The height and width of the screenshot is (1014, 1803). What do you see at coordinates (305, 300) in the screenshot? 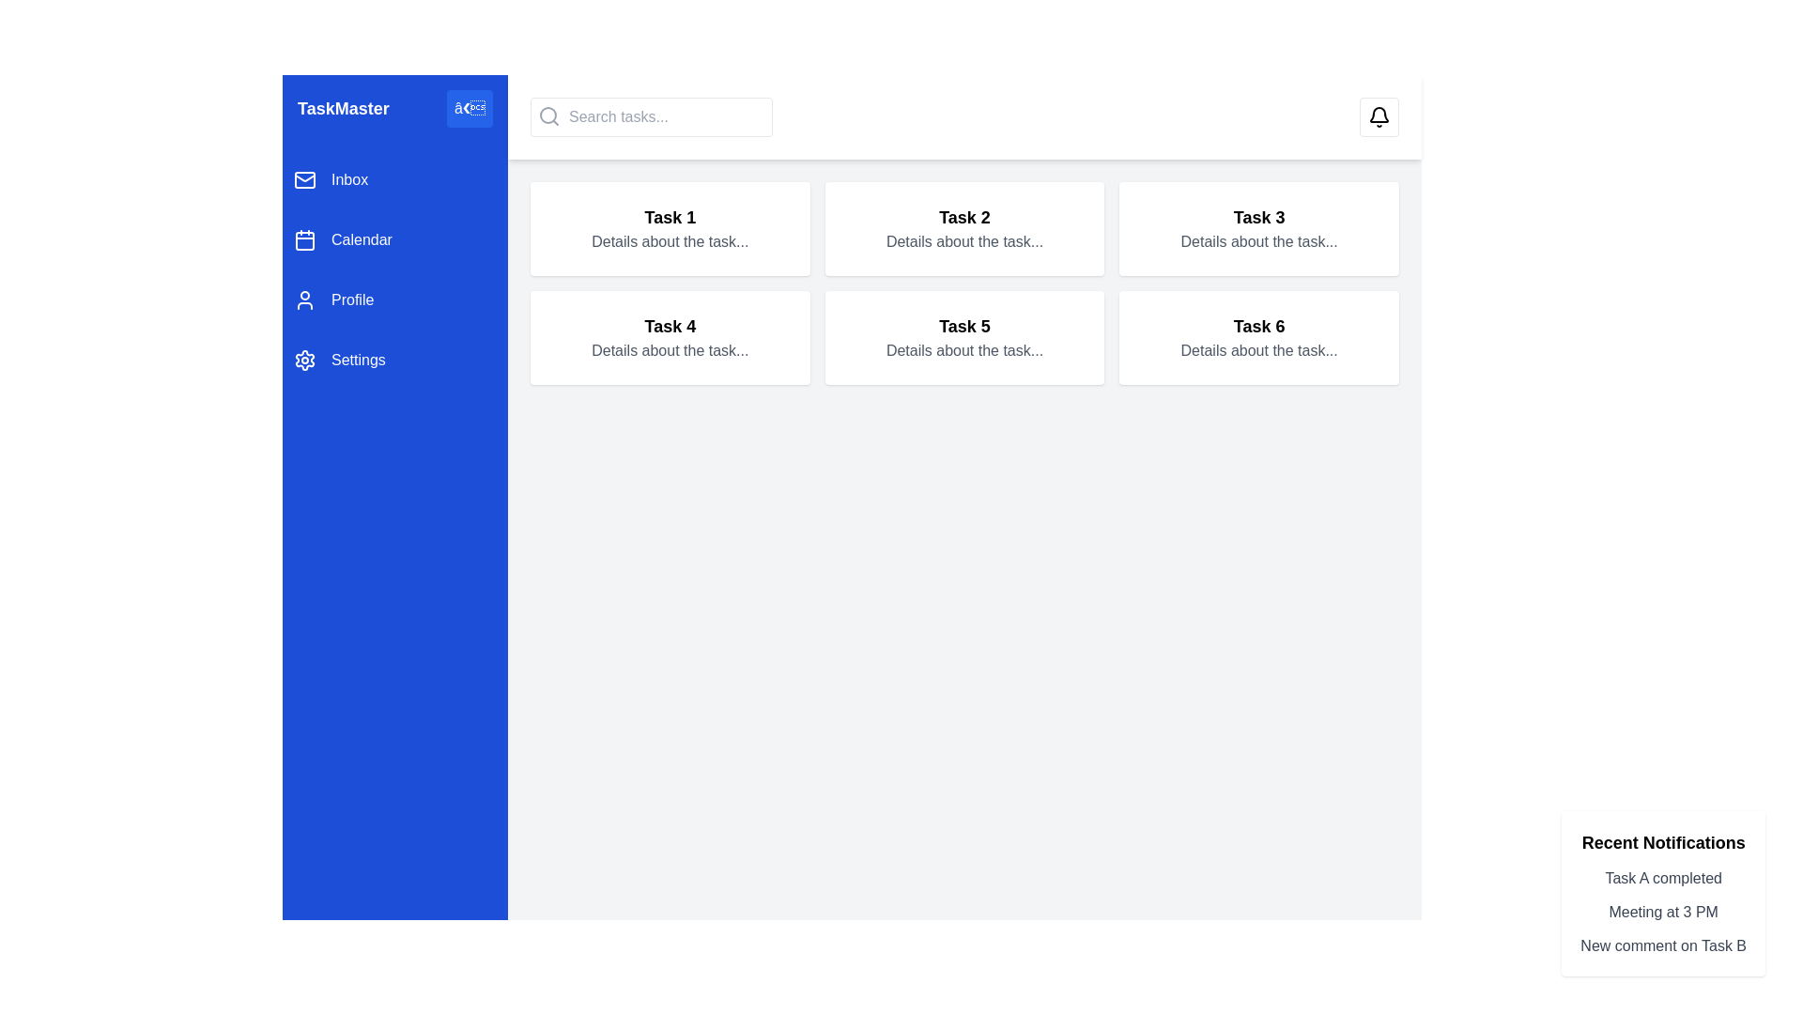
I see `the 'Profile' icon in the sidebar menu` at bounding box center [305, 300].